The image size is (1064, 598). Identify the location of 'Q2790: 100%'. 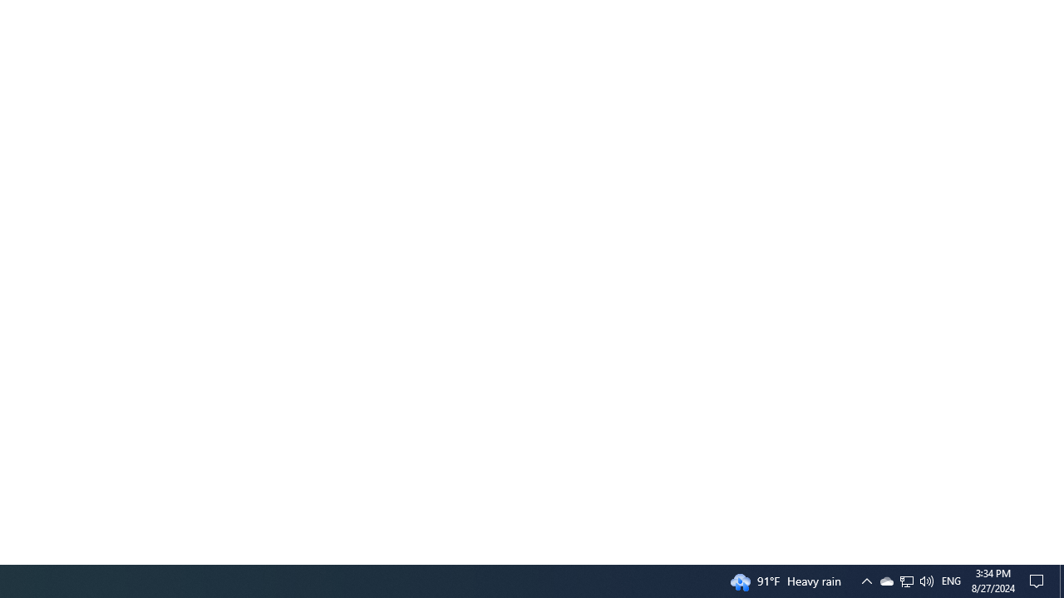
(925, 580).